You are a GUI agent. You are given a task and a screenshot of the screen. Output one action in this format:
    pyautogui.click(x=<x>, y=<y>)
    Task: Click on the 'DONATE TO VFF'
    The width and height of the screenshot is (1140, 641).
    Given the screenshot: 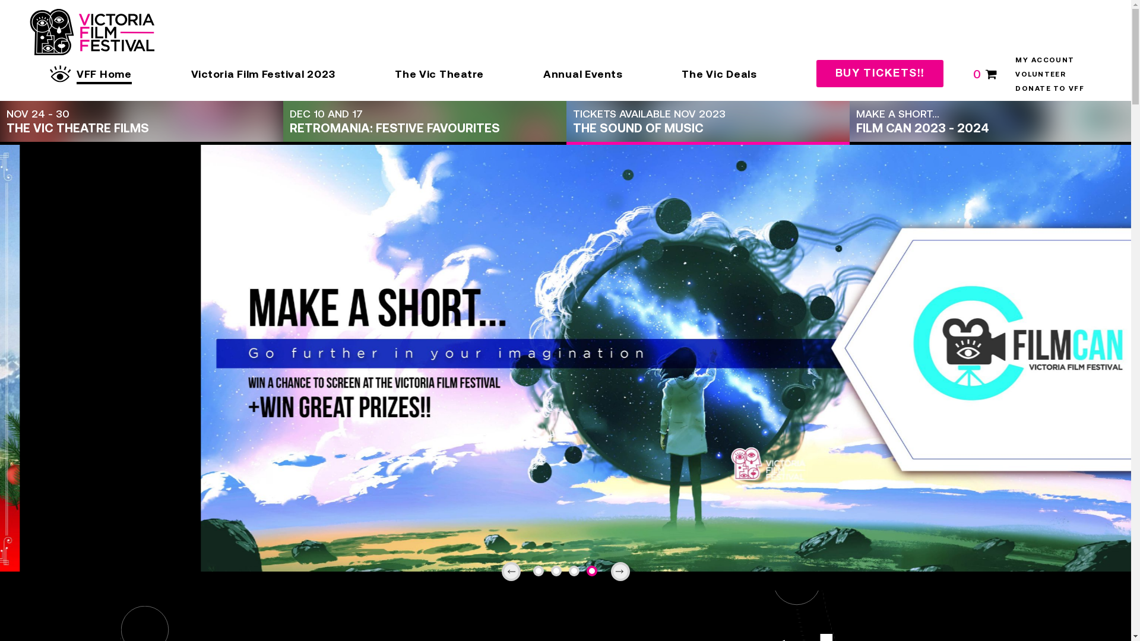 What is the action you would take?
    pyautogui.click(x=1049, y=87)
    